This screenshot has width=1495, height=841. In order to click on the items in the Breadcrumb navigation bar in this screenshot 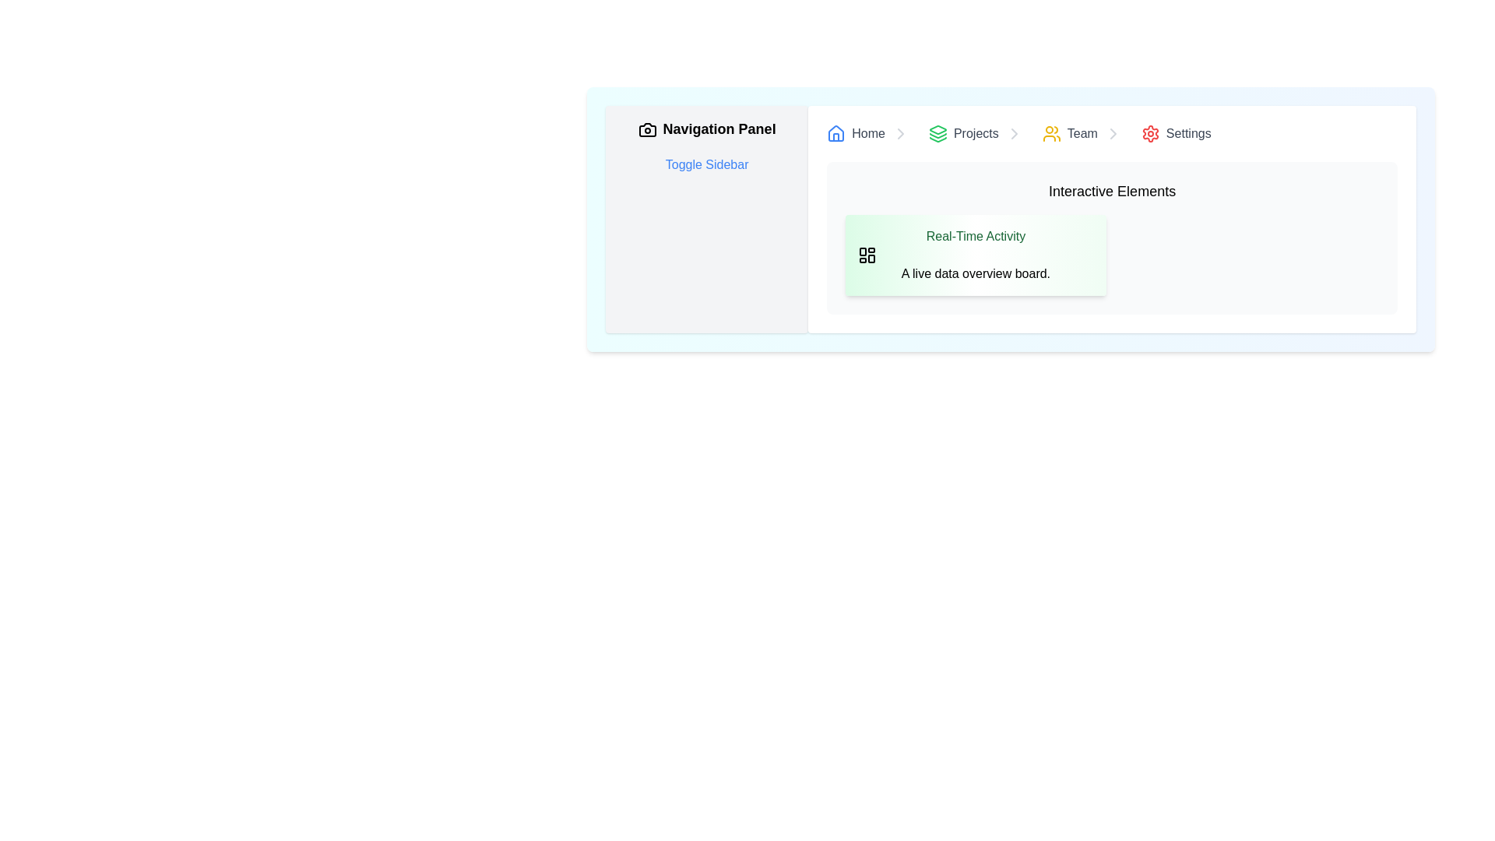, I will do `click(1111, 133)`.